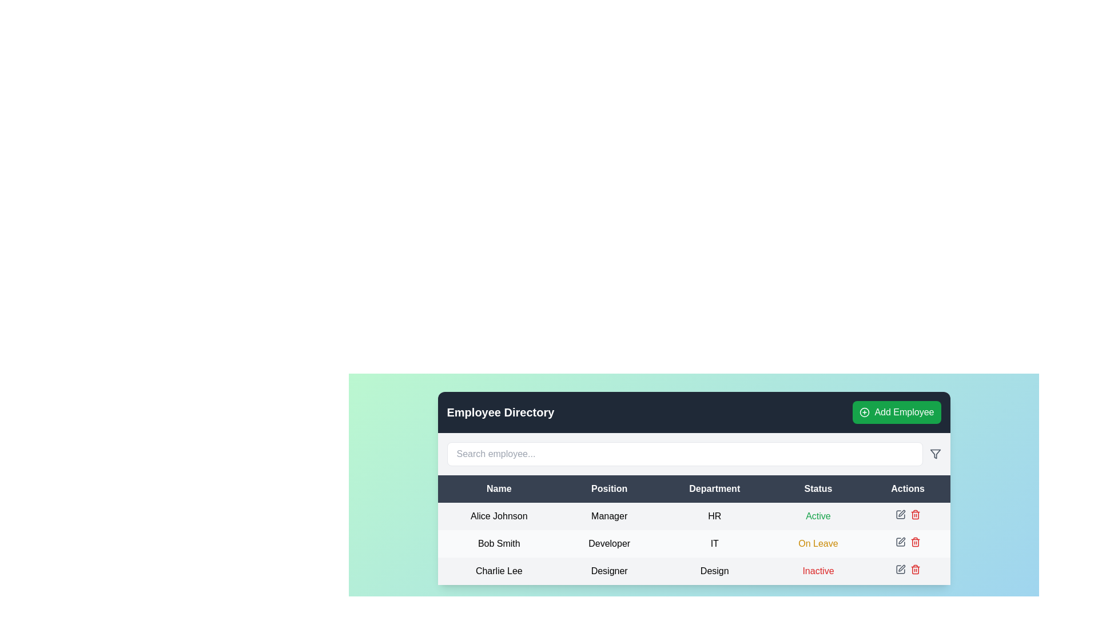  What do you see at coordinates (915, 569) in the screenshot?
I see `the delete button located in the 'Actions' column of the last row of the table` at bounding box center [915, 569].